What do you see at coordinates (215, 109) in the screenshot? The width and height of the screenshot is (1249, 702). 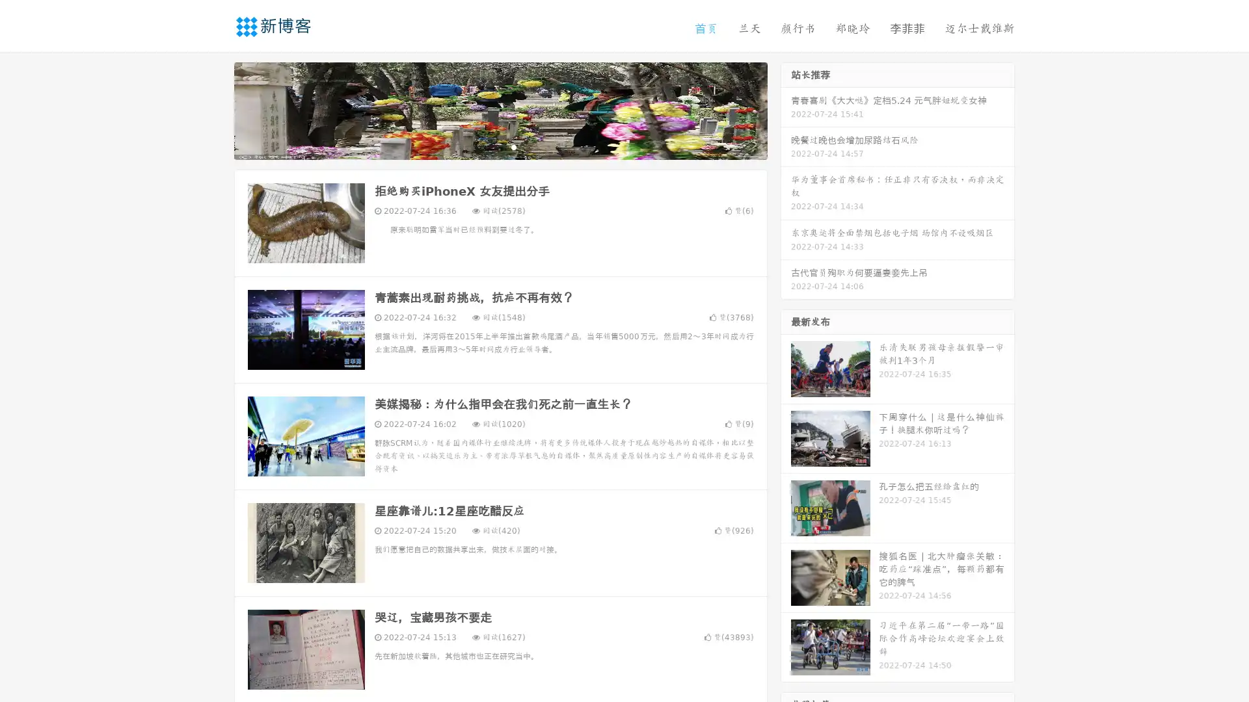 I see `Previous slide` at bounding box center [215, 109].